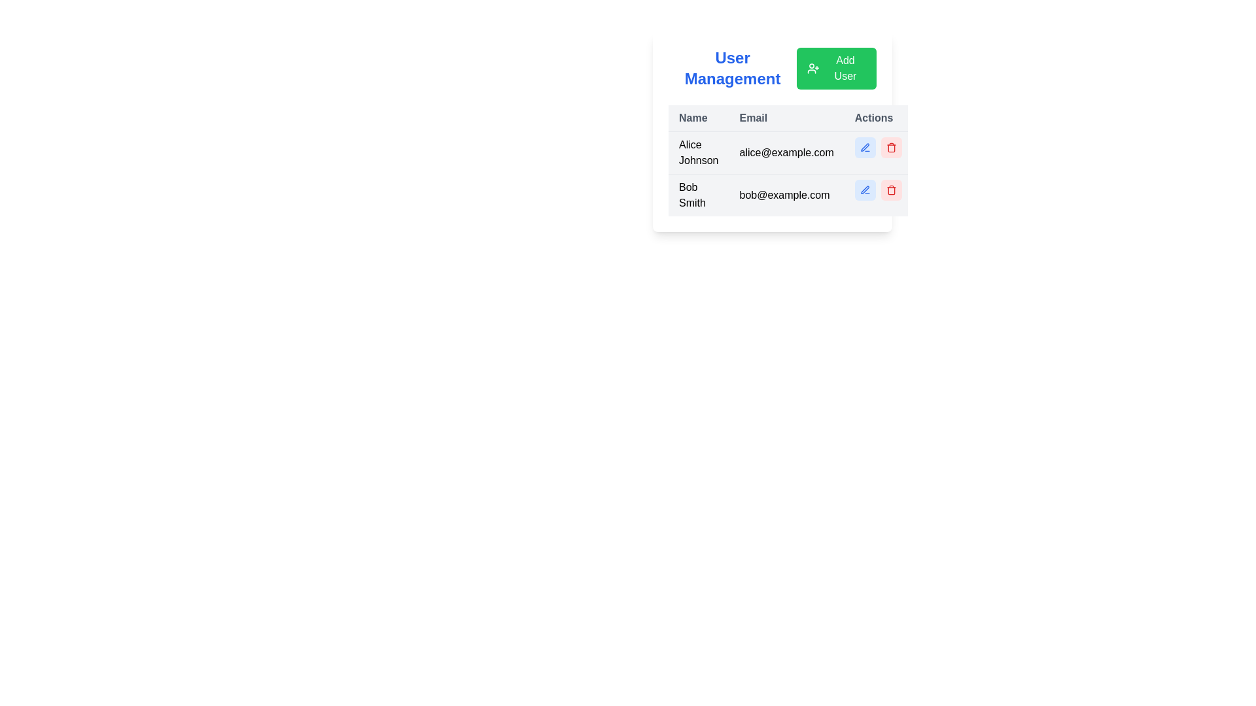 Image resolution: width=1256 pixels, height=706 pixels. Describe the element at coordinates (878, 118) in the screenshot. I see `the static text label that serves as the header for the 'Actions' column in the table layout` at that location.